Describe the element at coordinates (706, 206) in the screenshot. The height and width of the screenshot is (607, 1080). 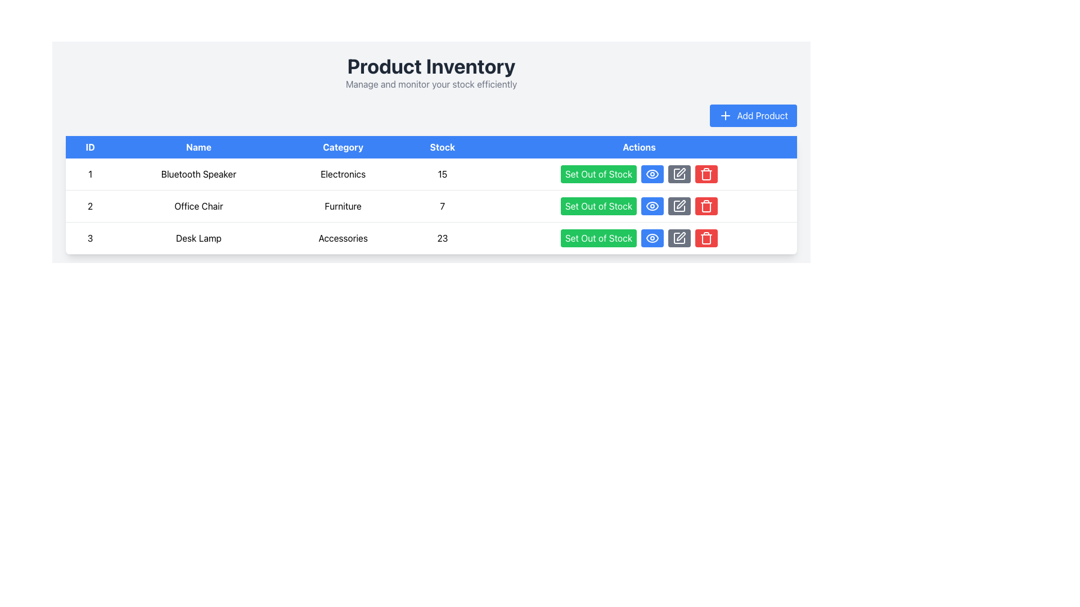
I see `the red trash bin icon in the last column of the row labeled 'Desk Lamp' under the 'Actions' header to initiate the delete action` at that location.